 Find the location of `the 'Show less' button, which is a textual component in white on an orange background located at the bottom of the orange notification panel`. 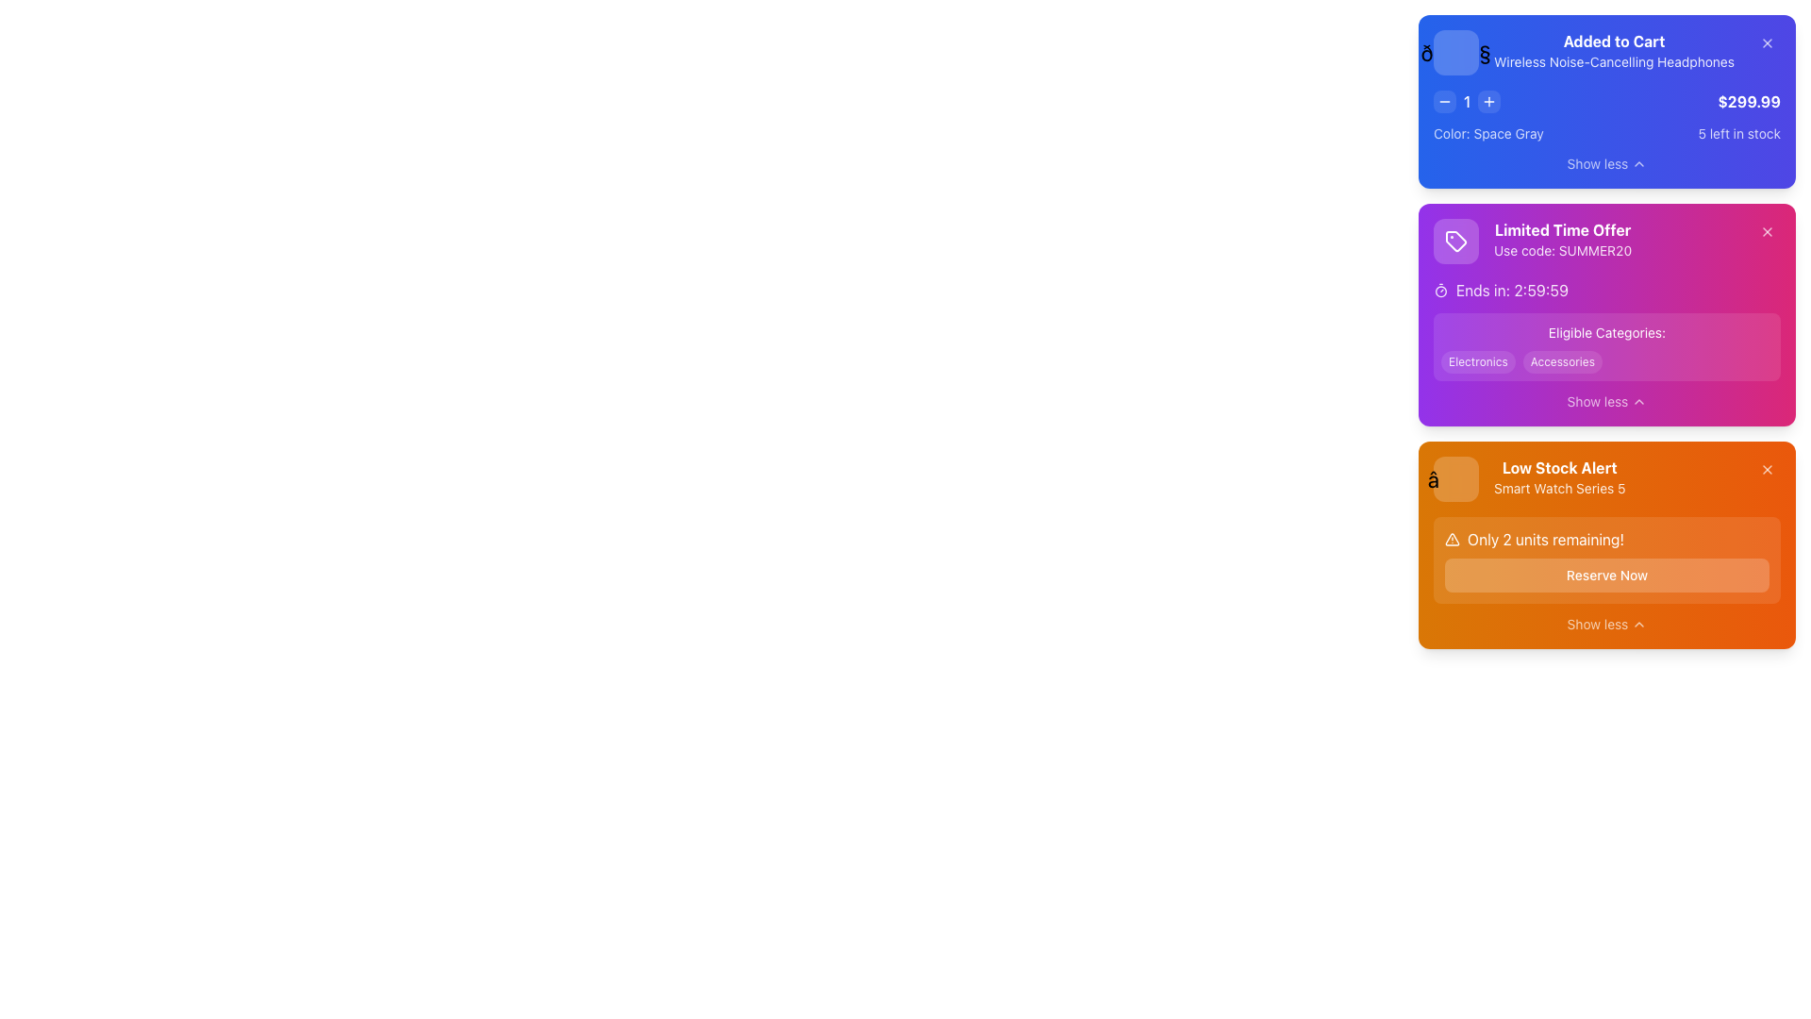

the 'Show less' button, which is a textual component in white on an orange background located at the bottom of the orange notification panel is located at coordinates (1597, 625).